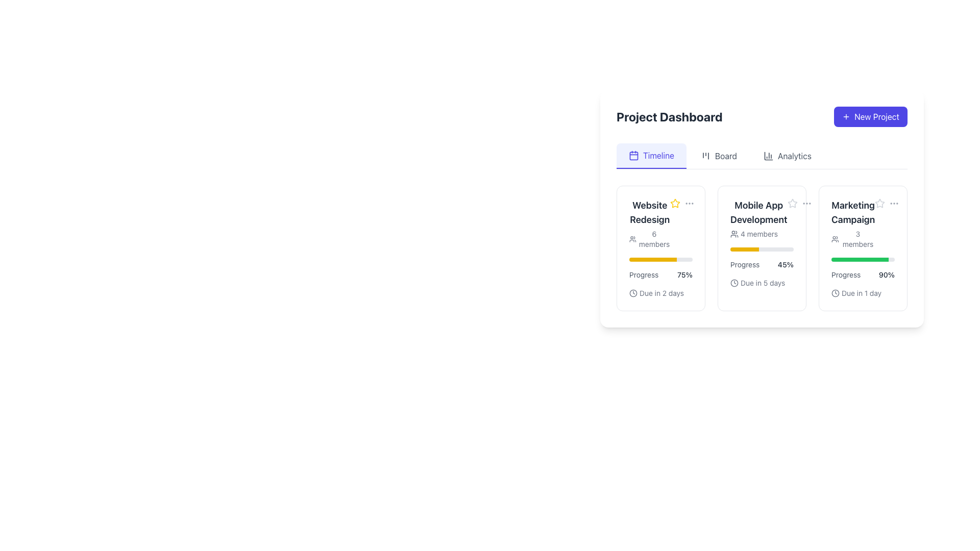 The image size is (980, 551). What do you see at coordinates (675, 203) in the screenshot?
I see `the star-shaped icon with a yellow outline located at the top left inside the 'Website Redesign' card` at bounding box center [675, 203].